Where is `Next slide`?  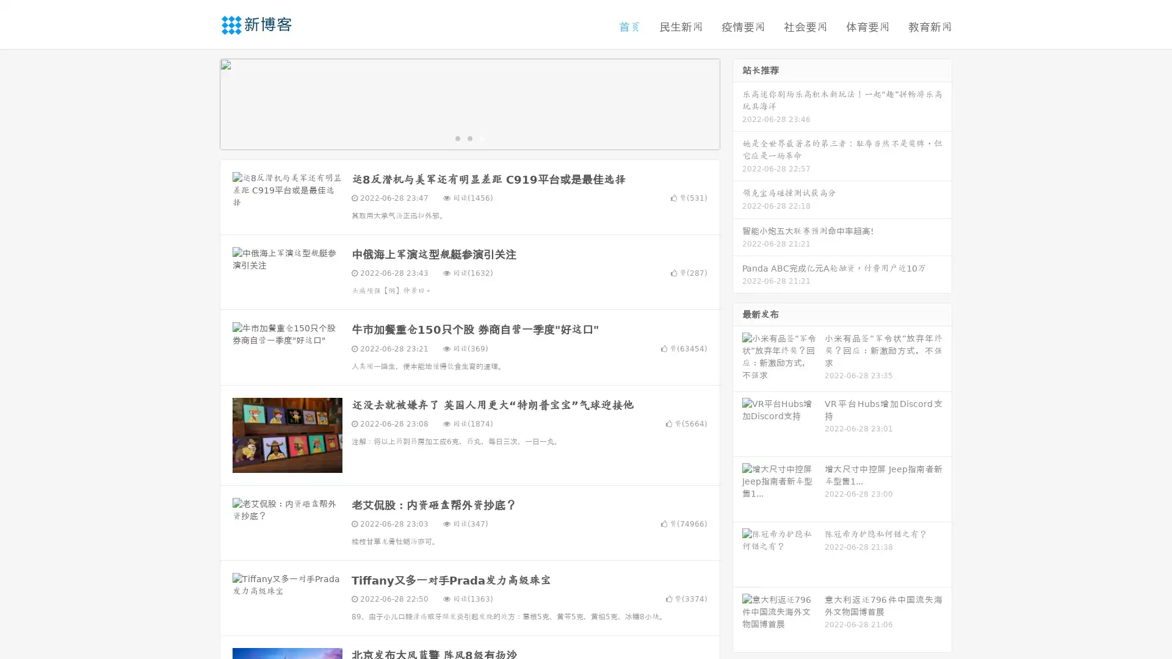 Next slide is located at coordinates (737, 103).